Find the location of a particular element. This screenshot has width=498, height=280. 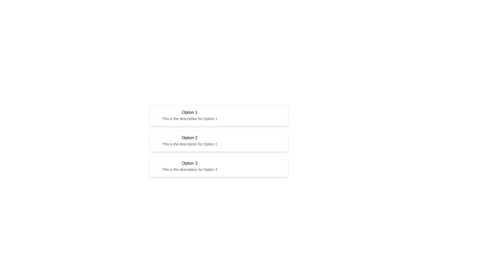

the text label that reads 'This is the description for Option 2', which is located below 'Option 2' in the second selectable item of the list is located at coordinates (189, 144).